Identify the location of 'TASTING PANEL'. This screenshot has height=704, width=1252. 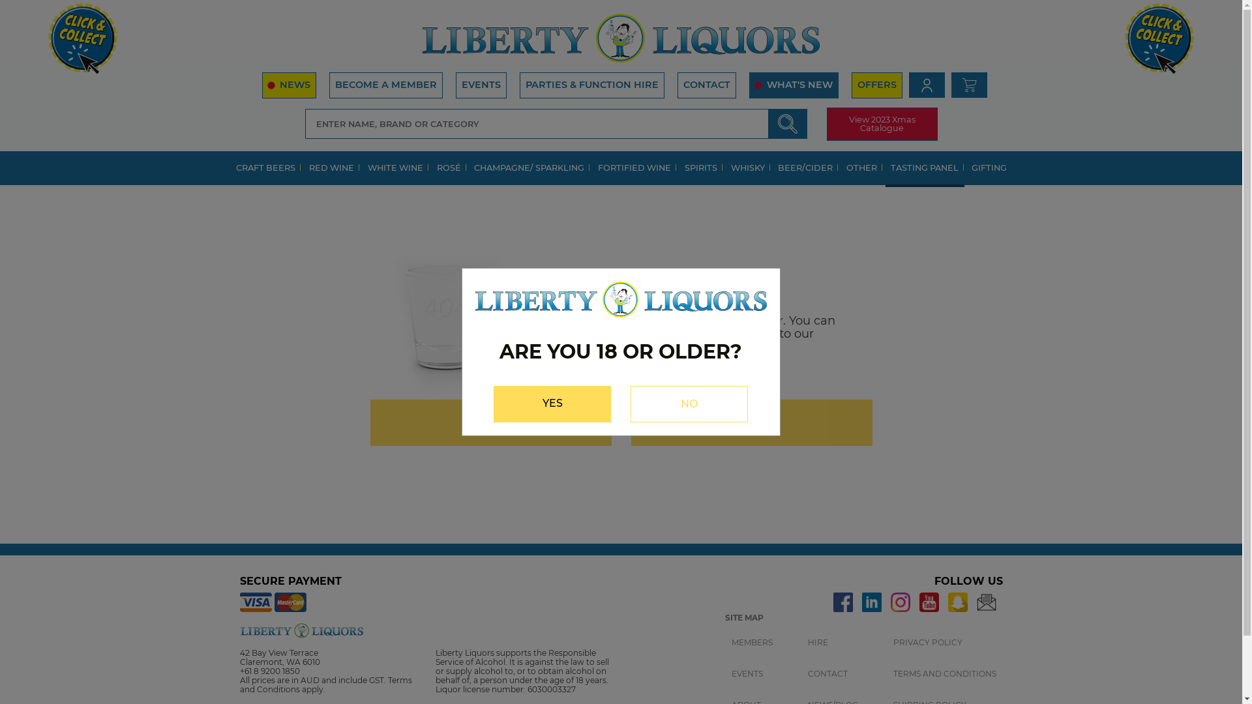
(924, 168).